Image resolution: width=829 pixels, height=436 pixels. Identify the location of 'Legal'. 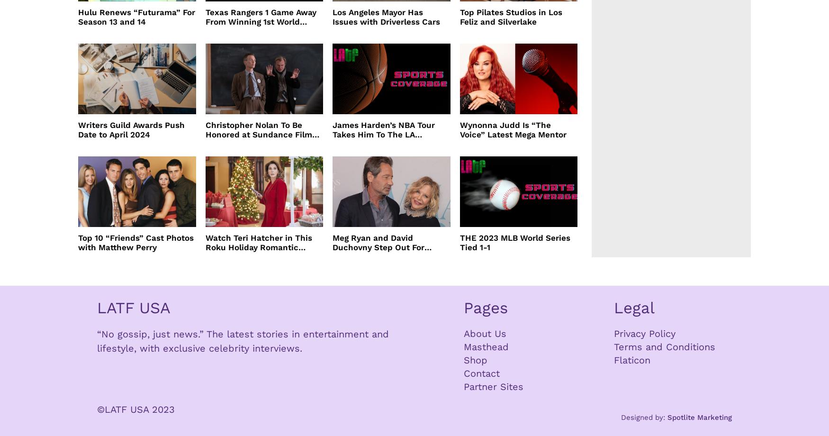
(634, 307).